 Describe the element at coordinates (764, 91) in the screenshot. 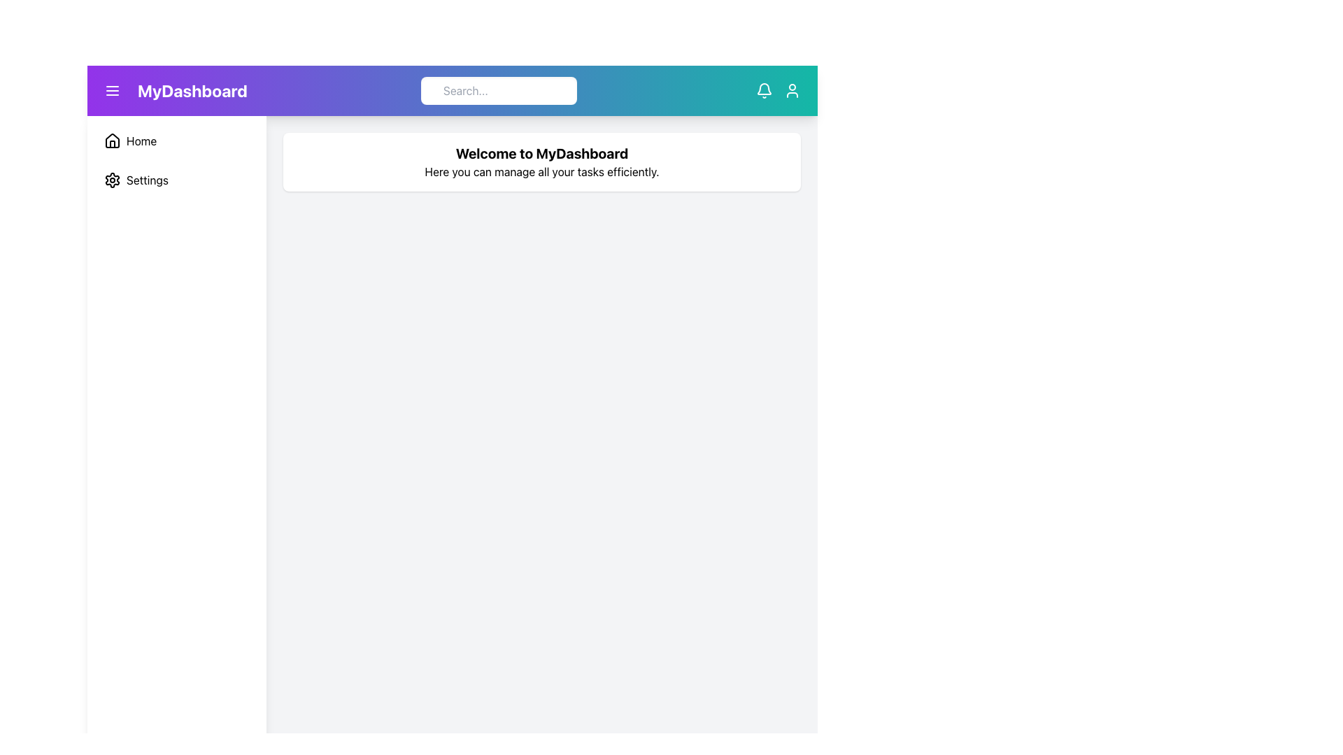

I see `the notification button located near the top-right corner of the interface` at that location.